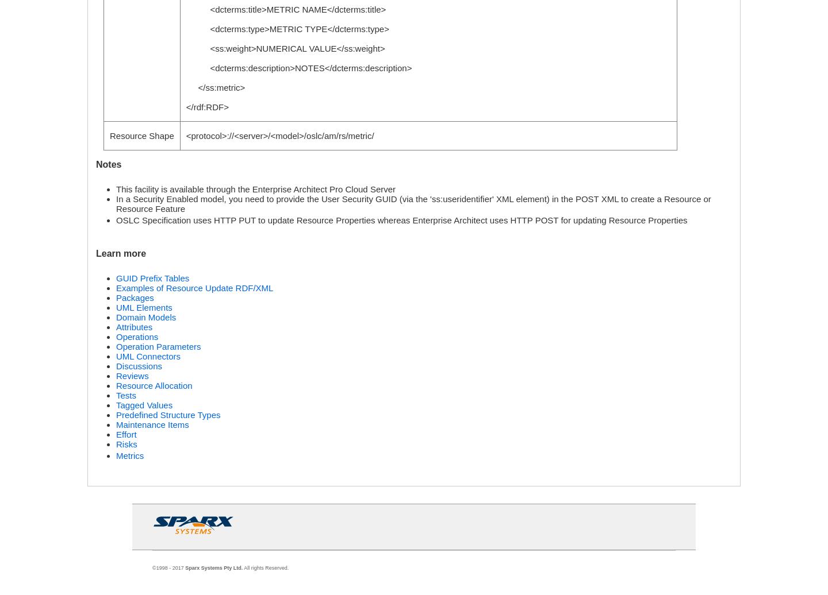 The height and width of the screenshot is (595, 828). Describe the element at coordinates (185, 136) in the screenshot. I see `'<protocol>://<server>/<model>/oslc/am/rs/metric/'` at that location.